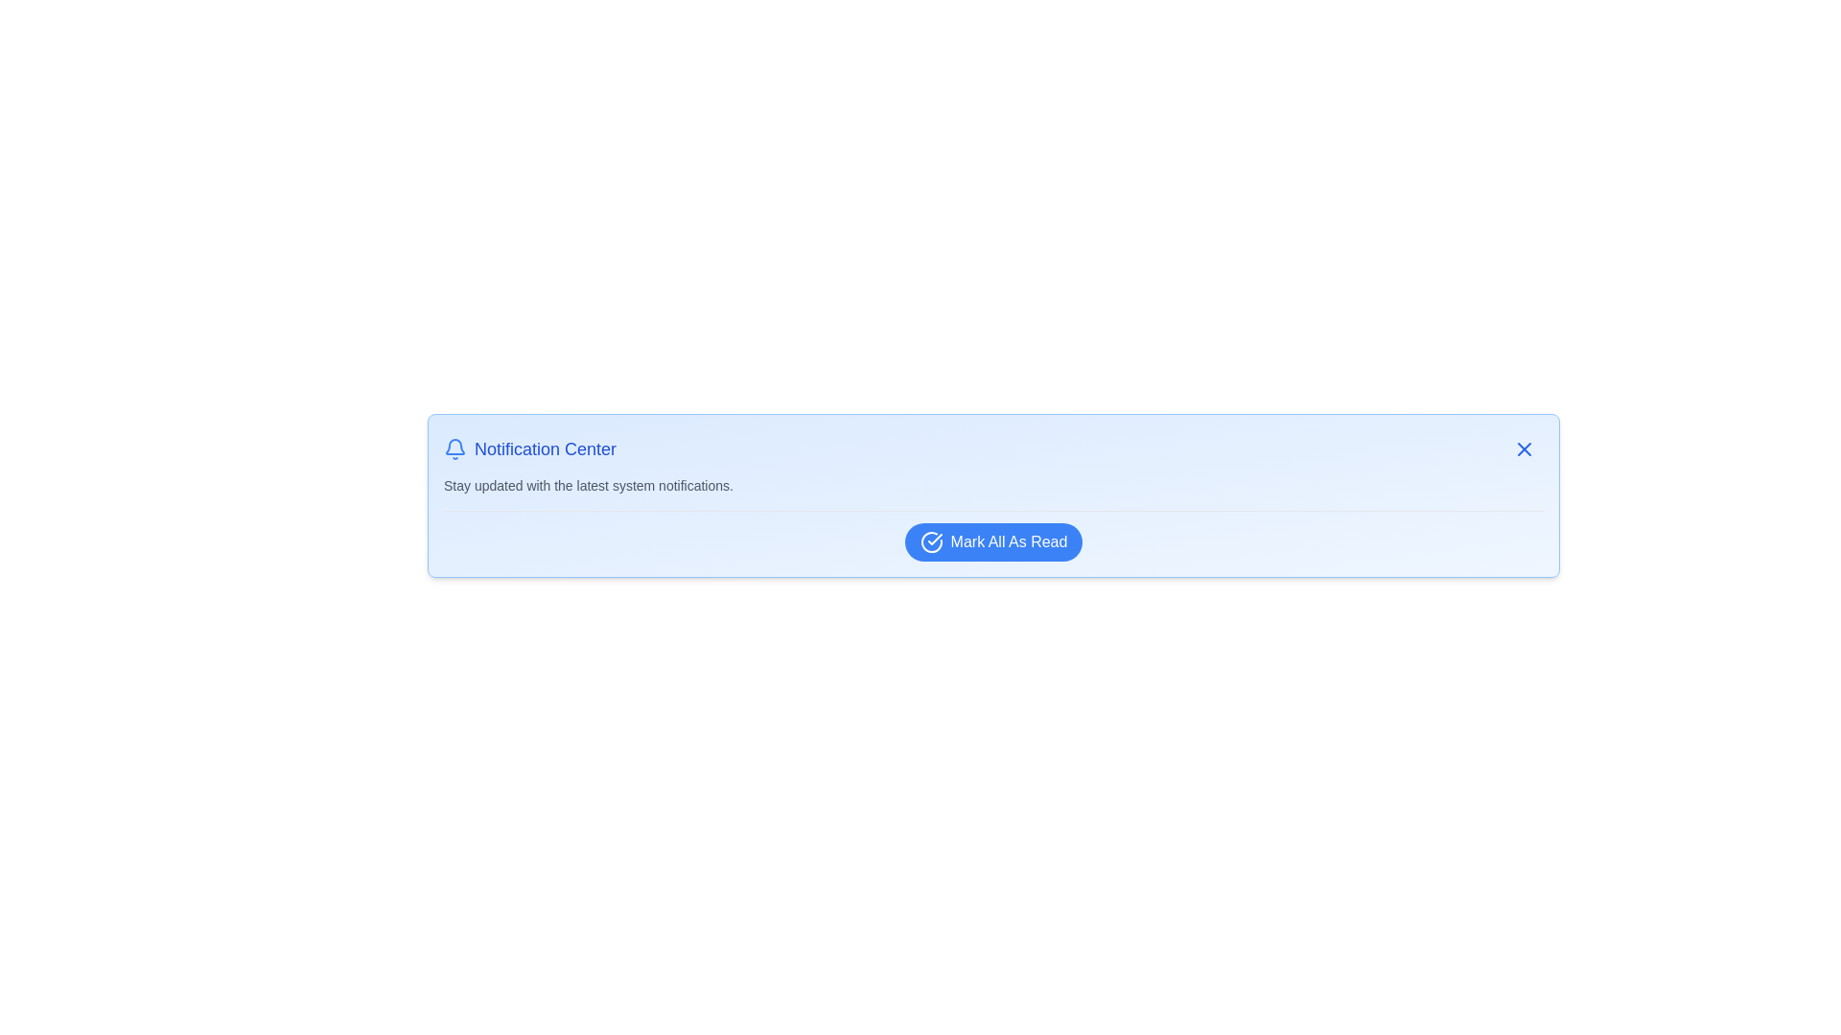 This screenshot has width=1841, height=1035. I want to click on the close button located at the top-right corner of the notification card, so click(1523, 449).